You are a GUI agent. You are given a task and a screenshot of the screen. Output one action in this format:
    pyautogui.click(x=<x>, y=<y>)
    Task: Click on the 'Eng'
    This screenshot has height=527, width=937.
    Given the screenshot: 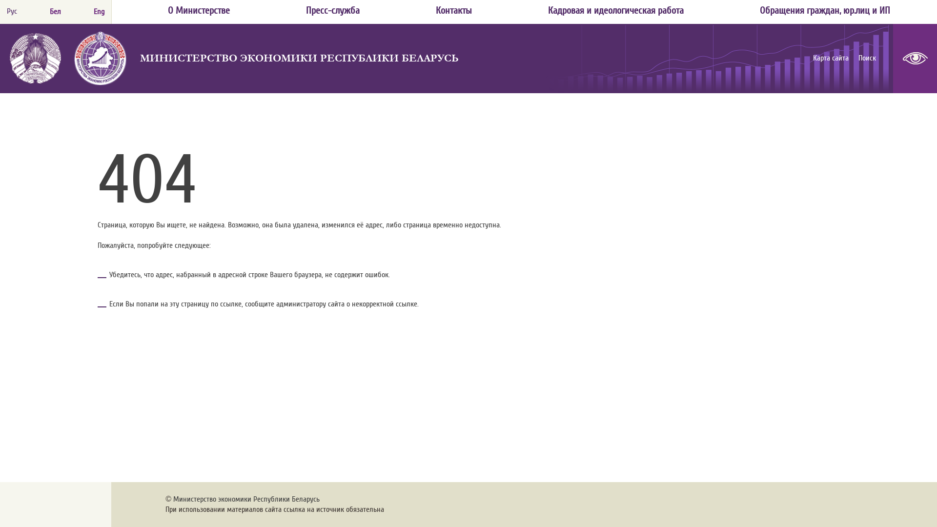 What is the action you would take?
    pyautogui.click(x=99, y=12)
    